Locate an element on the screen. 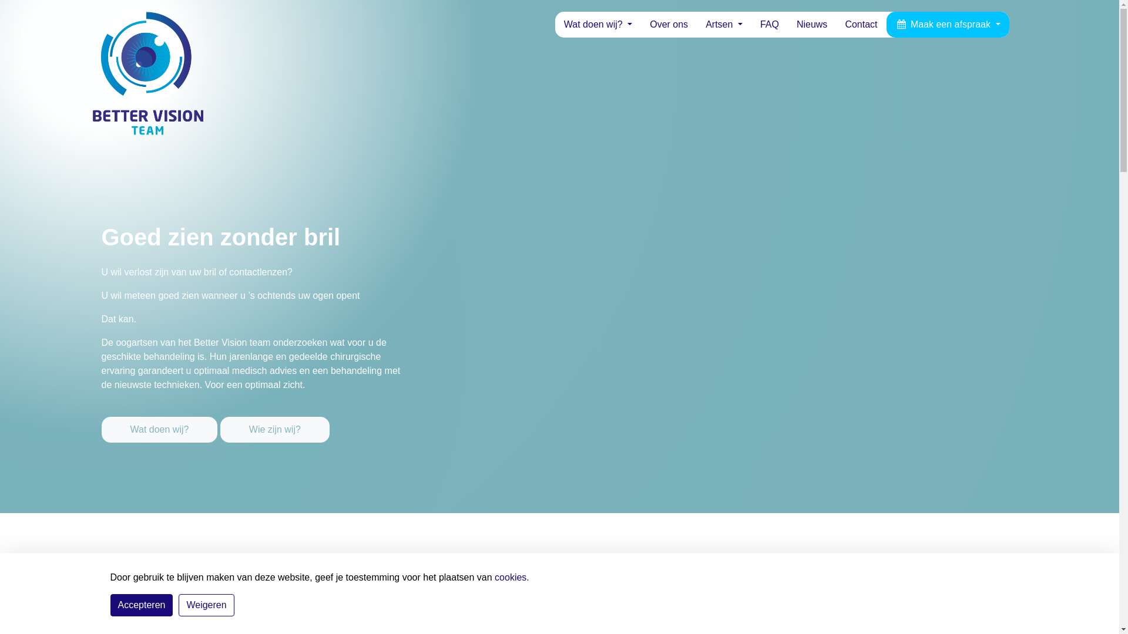  'Nieuws' is located at coordinates (811, 25).